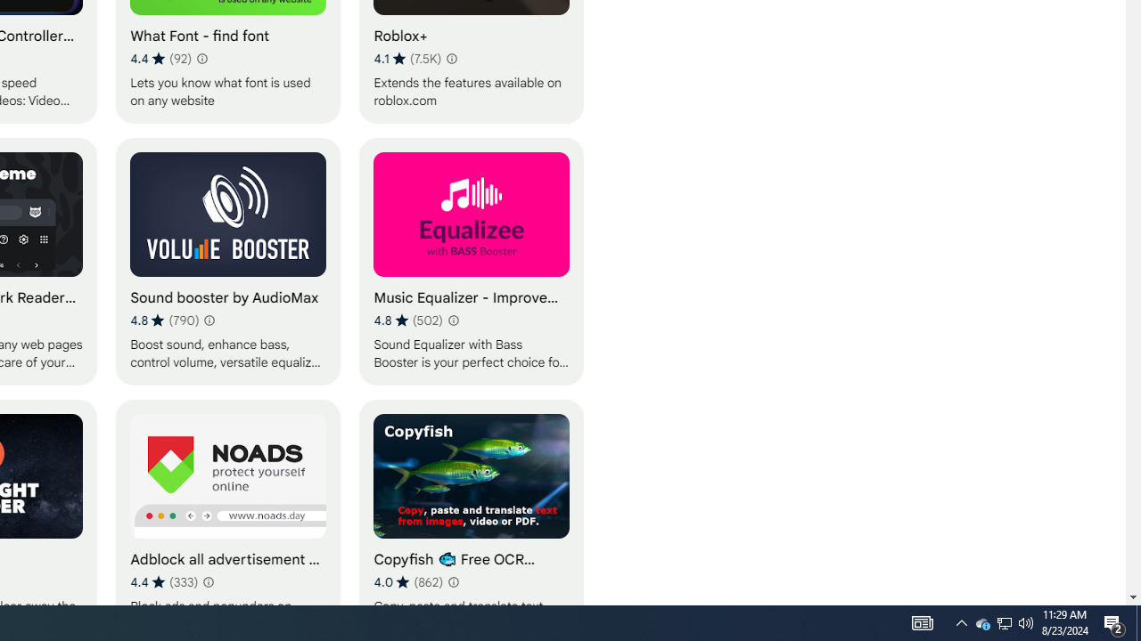 The width and height of the screenshot is (1141, 641). What do you see at coordinates (406, 58) in the screenshot?
I see `'Average rating 4.1 out of 5 stars. 7.5K ratings.'` at bounding box center [406, 58].